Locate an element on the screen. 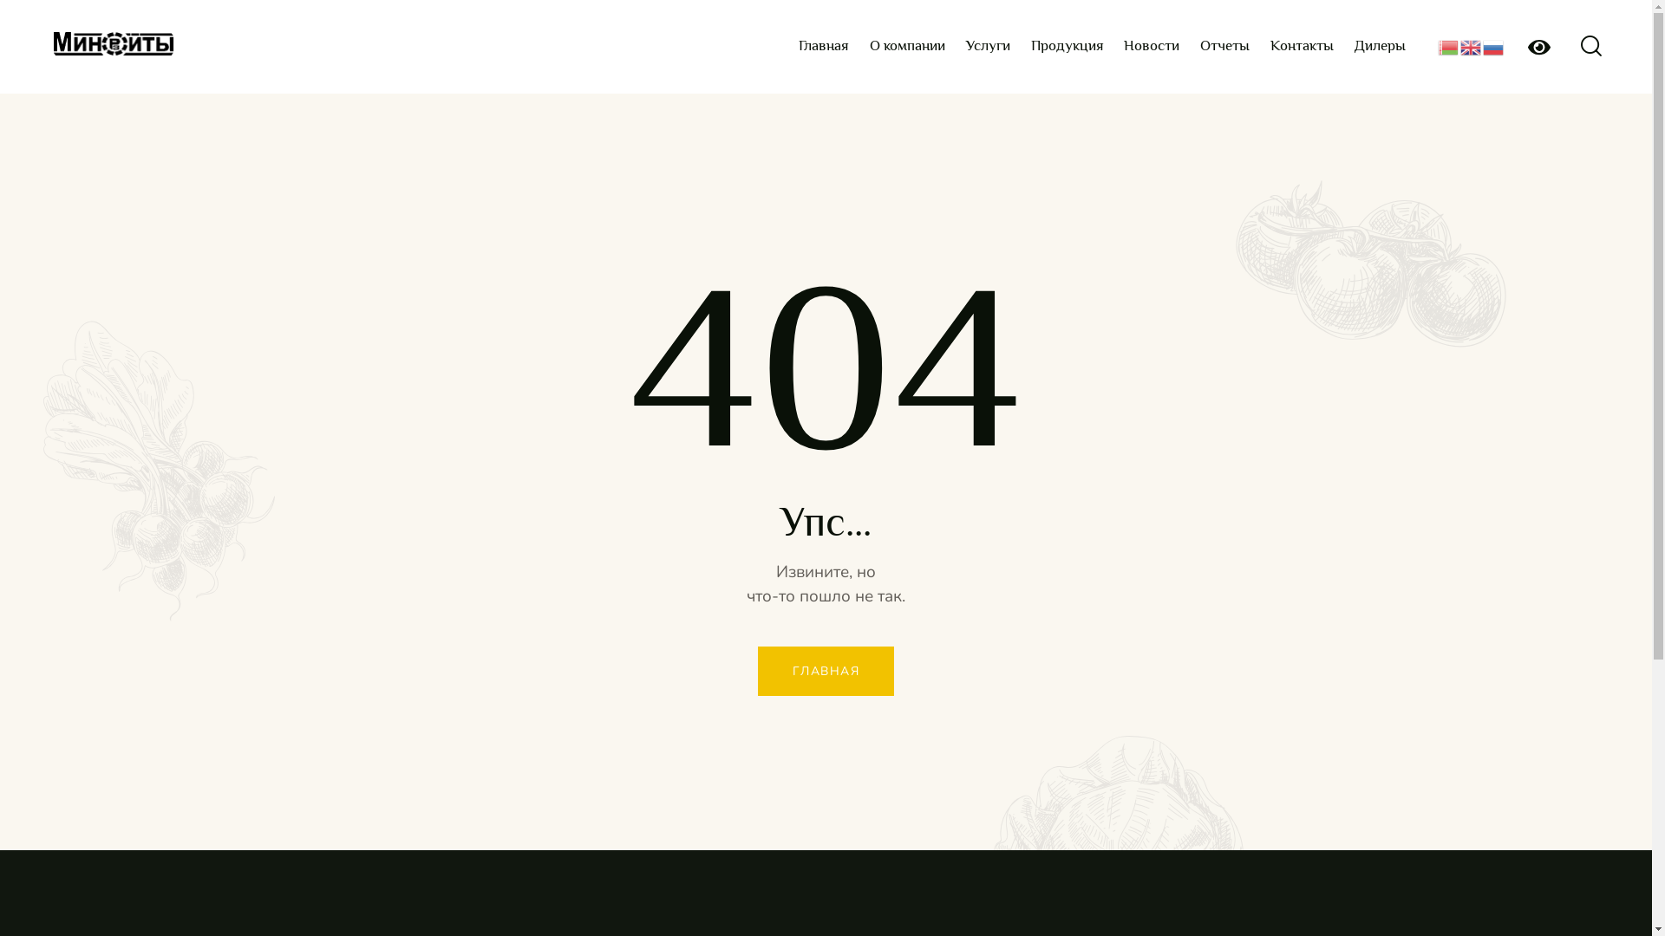 The image size is (1665, 936). 'Russian' is located at coordinates (1493, 45).